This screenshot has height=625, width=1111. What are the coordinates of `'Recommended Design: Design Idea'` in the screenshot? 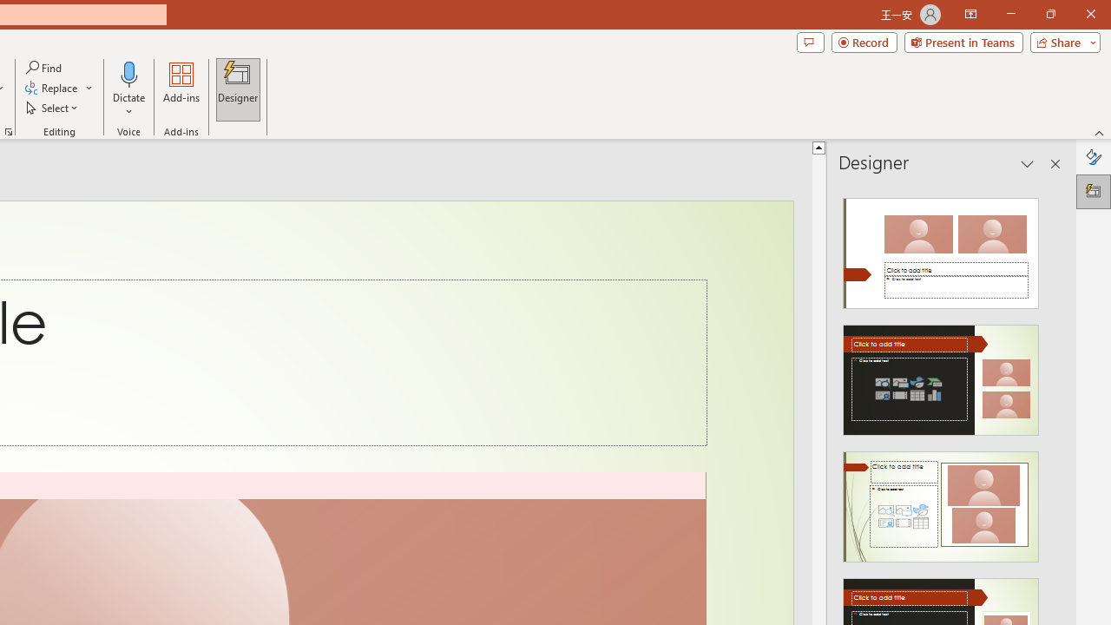 It's located at (940, 248).